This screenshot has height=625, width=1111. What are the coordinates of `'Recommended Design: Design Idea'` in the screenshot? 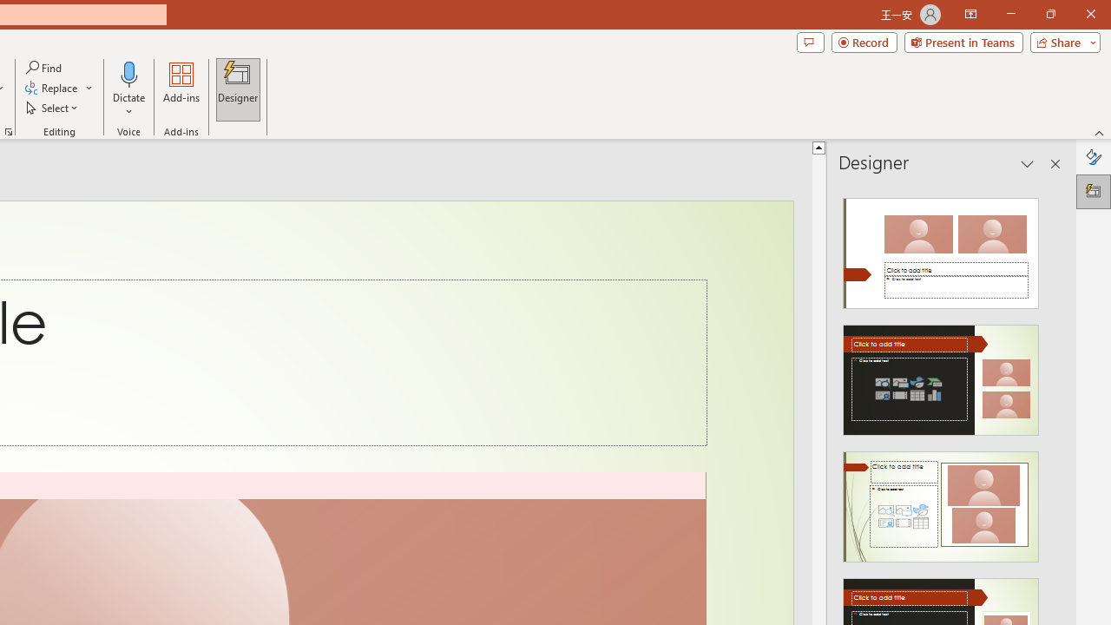 It's located at (940, 248).